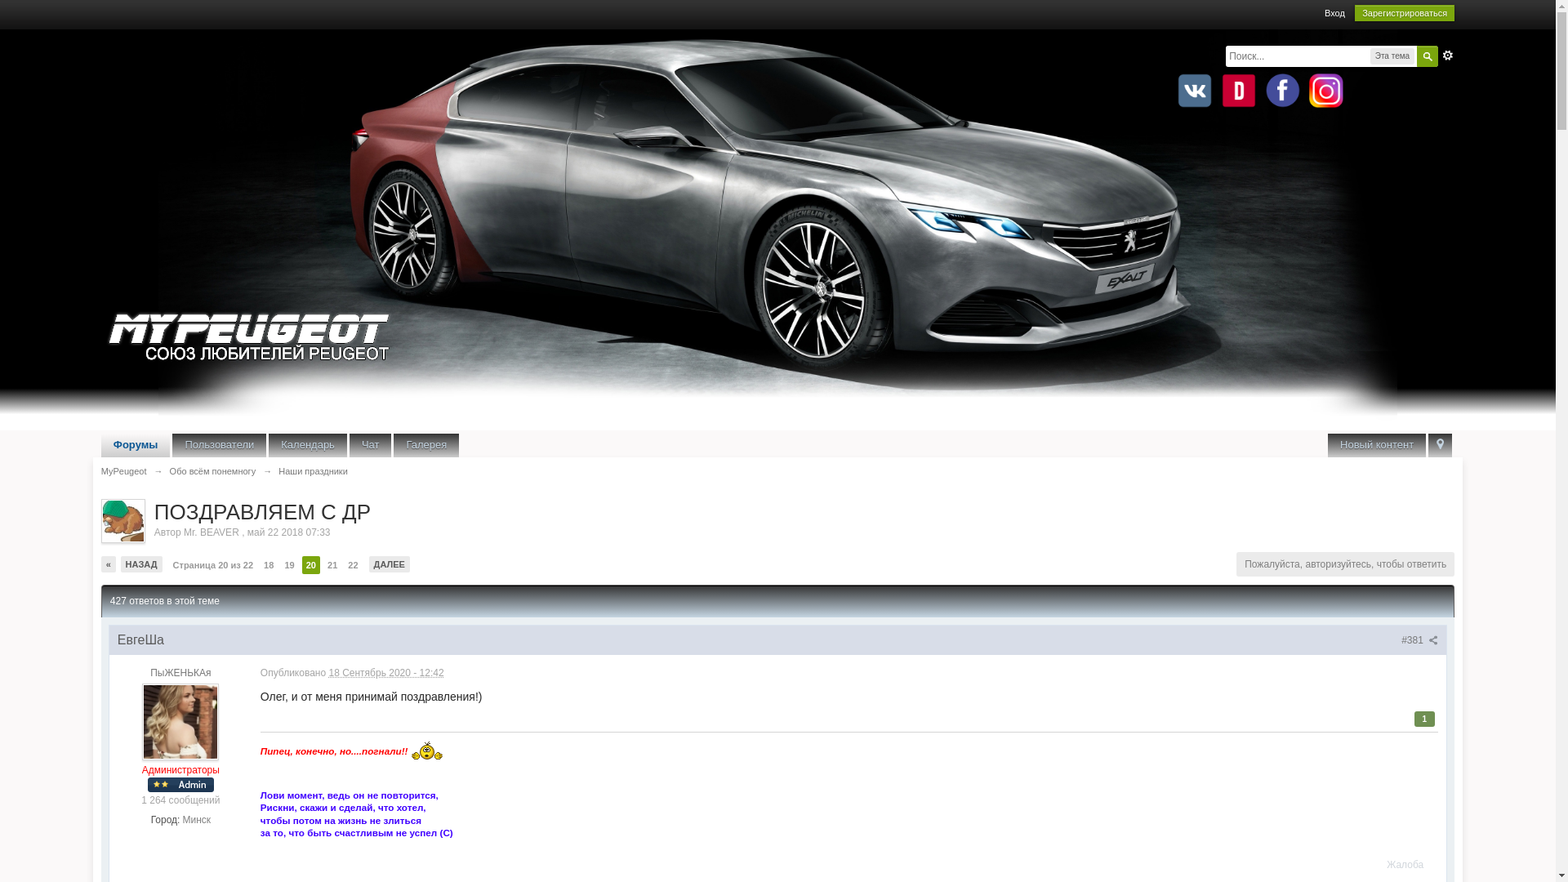 This screenshot has height=882, width=1568. I want to click on '19', so click(289, 563).